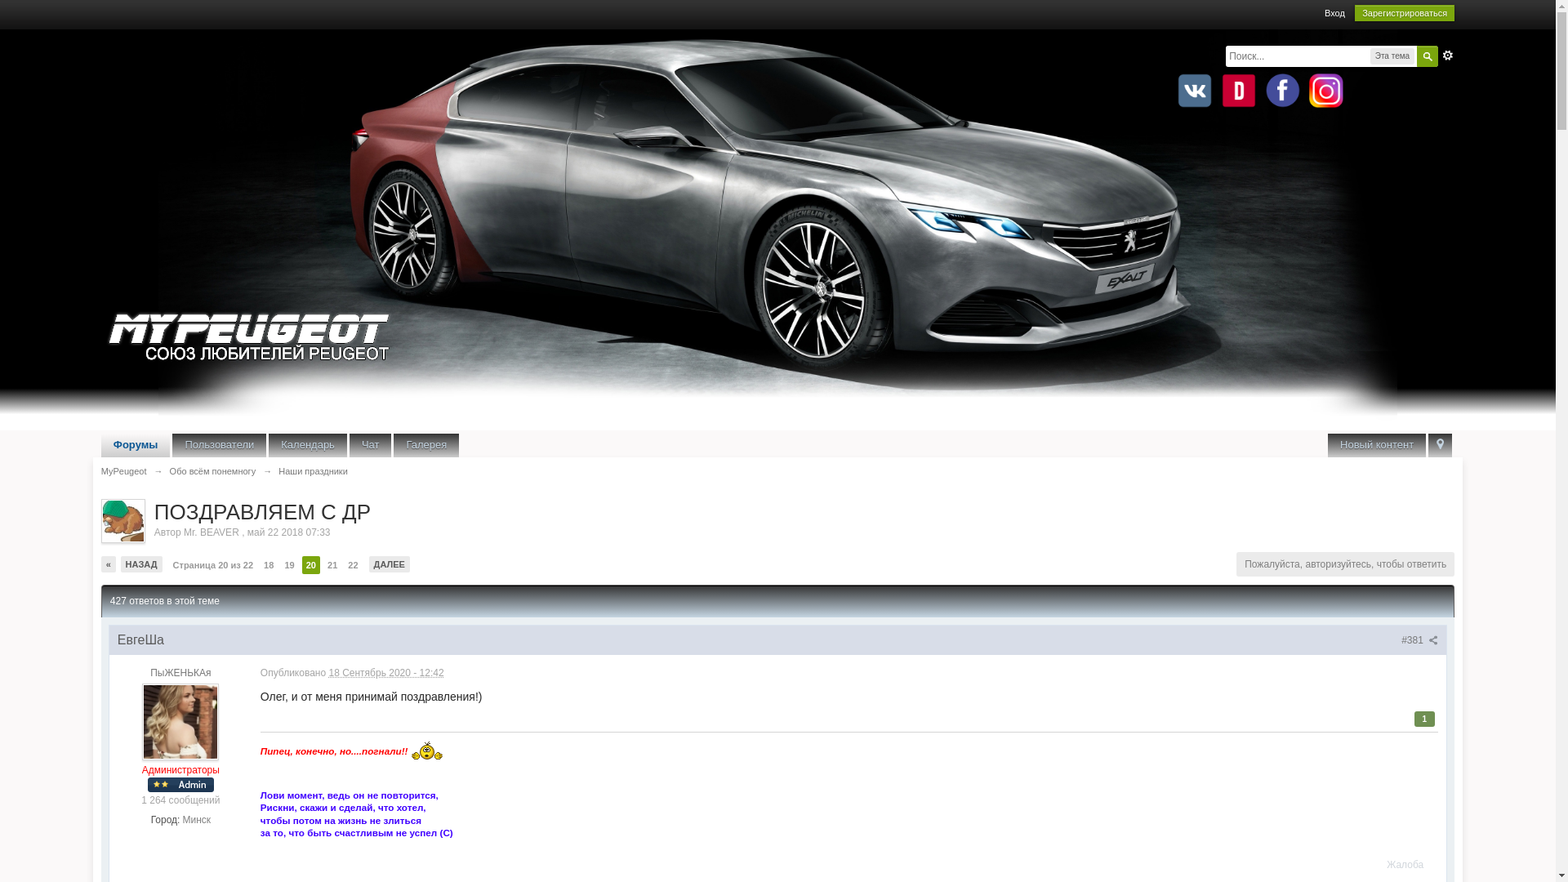 This screenshot has height=882, width=1568. I want to click on '19', so click(289, 563).